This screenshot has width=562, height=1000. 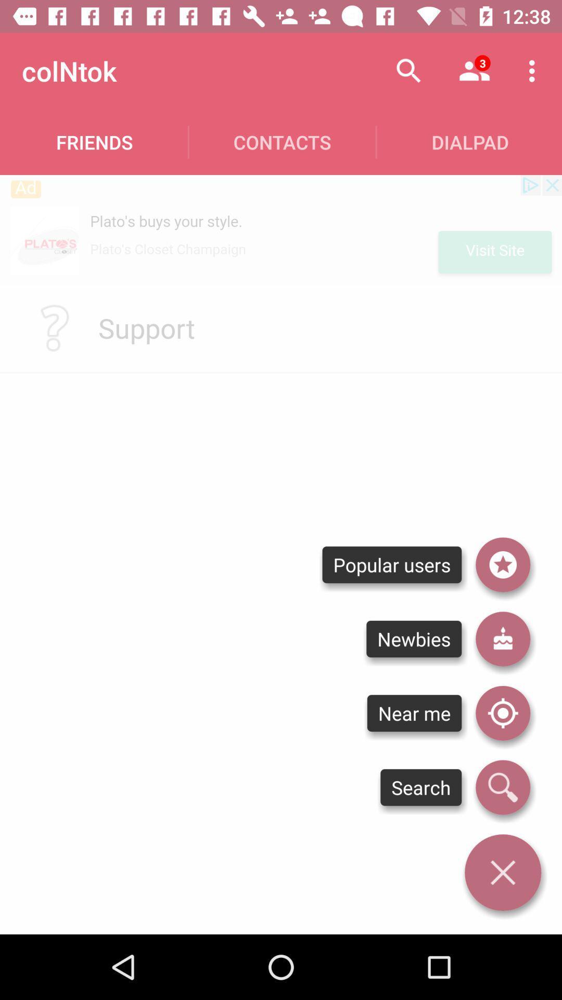 What do you see at coordinates (281, 229) in the screenshot?
I see `website` at bounding box center [281, 229].